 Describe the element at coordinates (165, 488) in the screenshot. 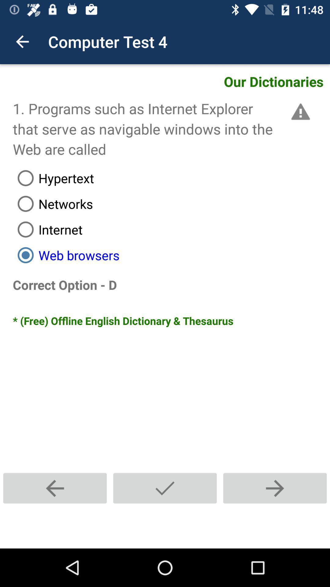

I see `the navigation icon` at that location.